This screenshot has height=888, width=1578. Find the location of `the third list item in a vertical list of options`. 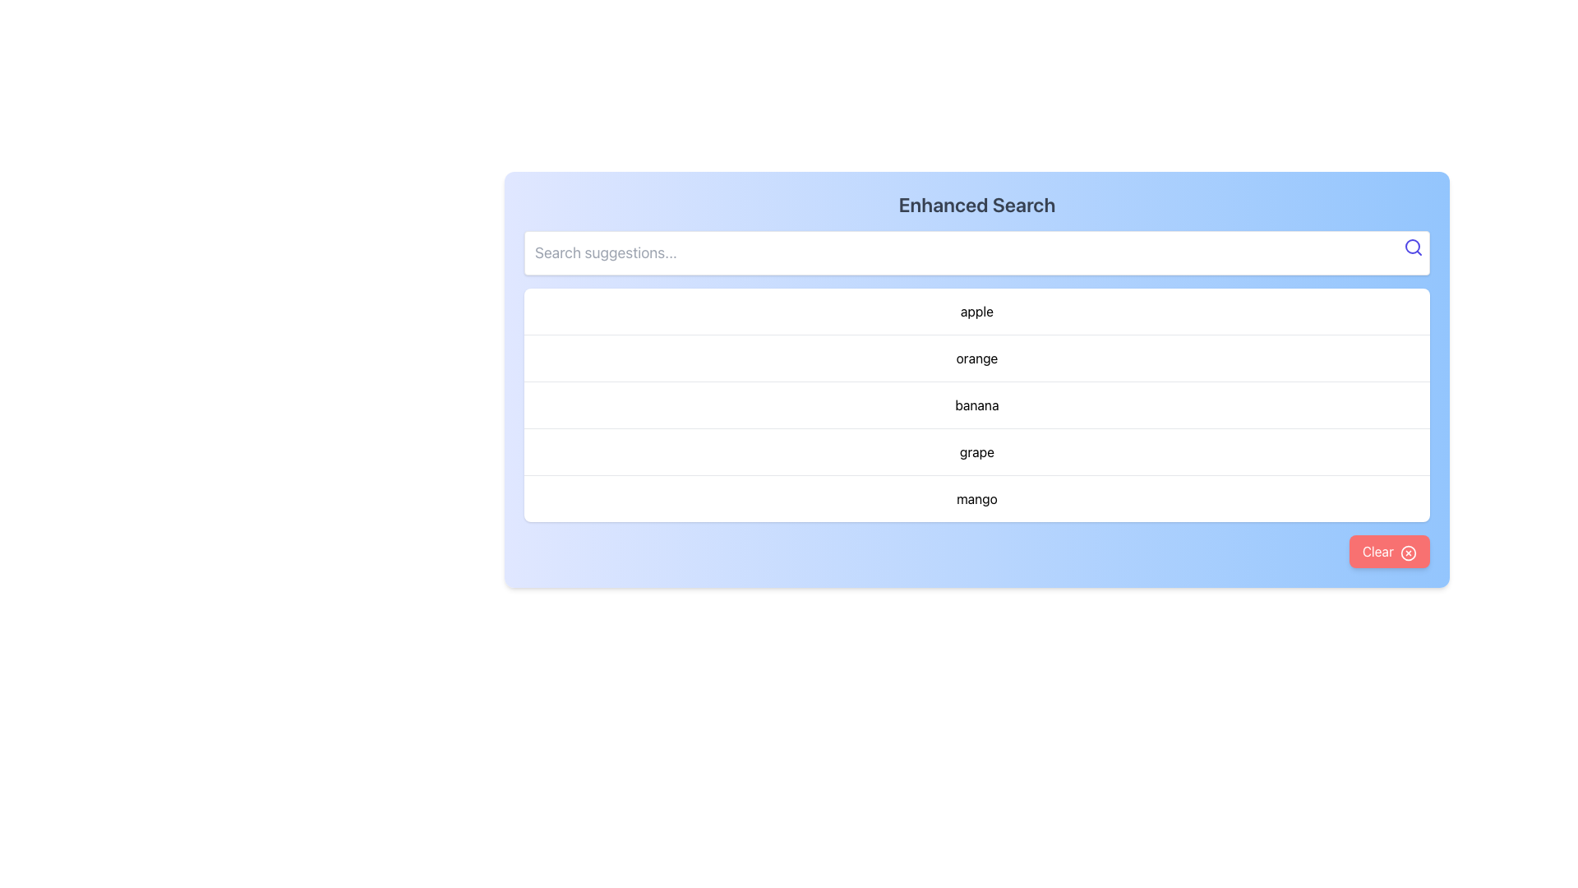

the third list item in a vertical list of options is located at coordinates (977, 405).